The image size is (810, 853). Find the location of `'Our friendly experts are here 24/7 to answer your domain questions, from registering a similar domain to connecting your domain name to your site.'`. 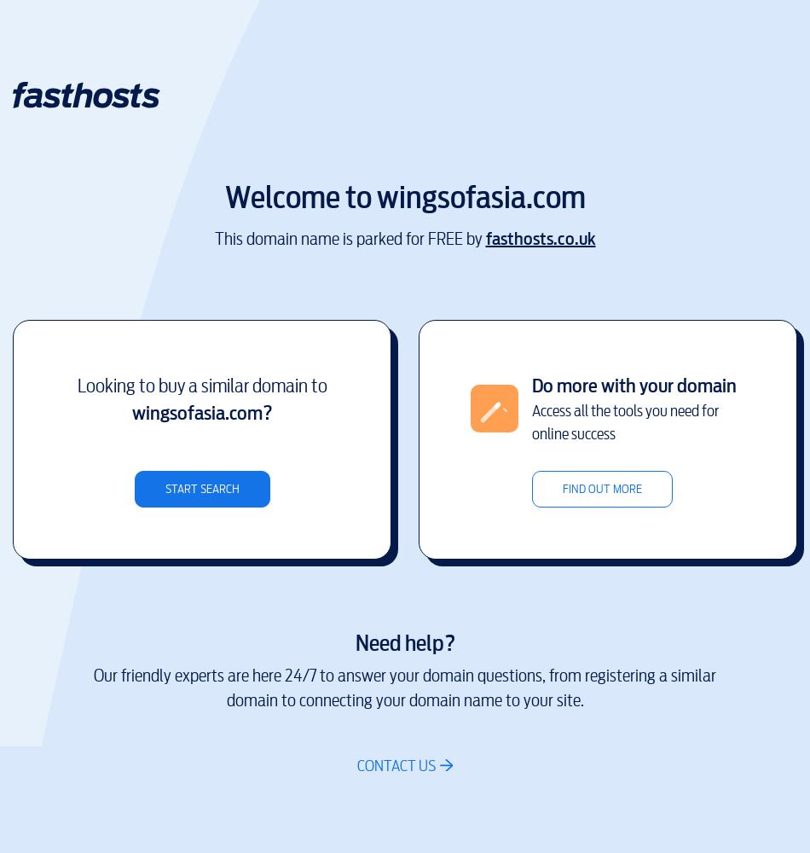

'Our friendly experts are here 24/7 to answer your domain questions, from registering a similar domain to connecting your domain name to your site.' is located at coordinates (405, 688).